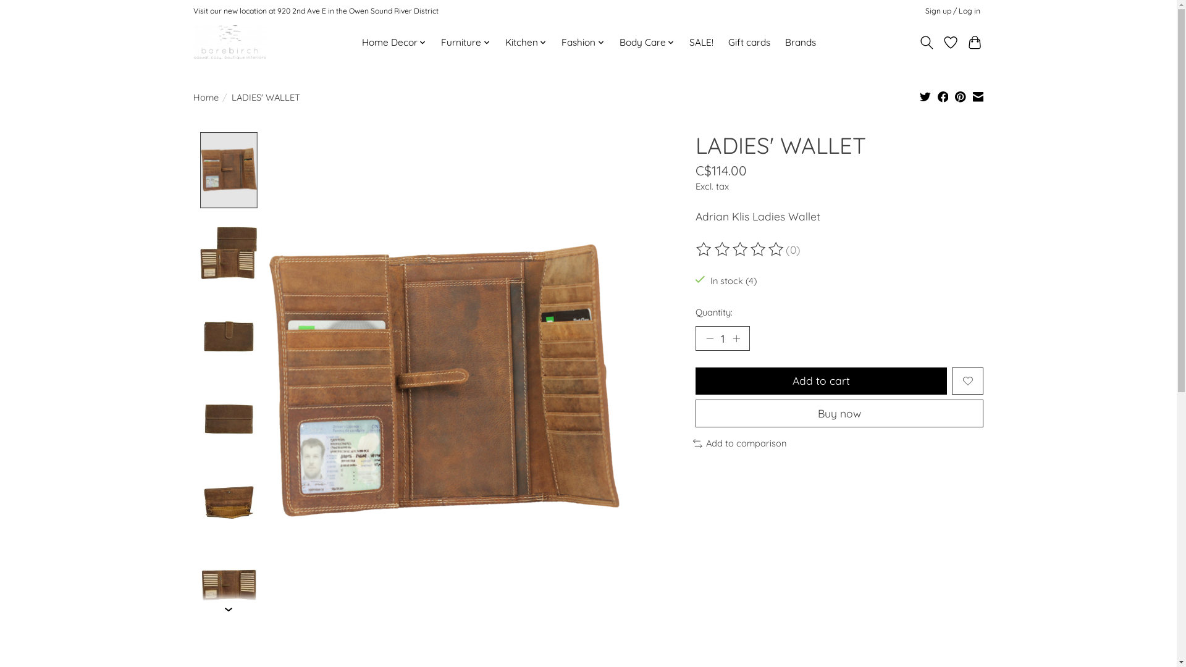  What do you see at coordinates (978, 97) in the screenshot?
I see `'Share by Email'` at bounding box center [978, 97].